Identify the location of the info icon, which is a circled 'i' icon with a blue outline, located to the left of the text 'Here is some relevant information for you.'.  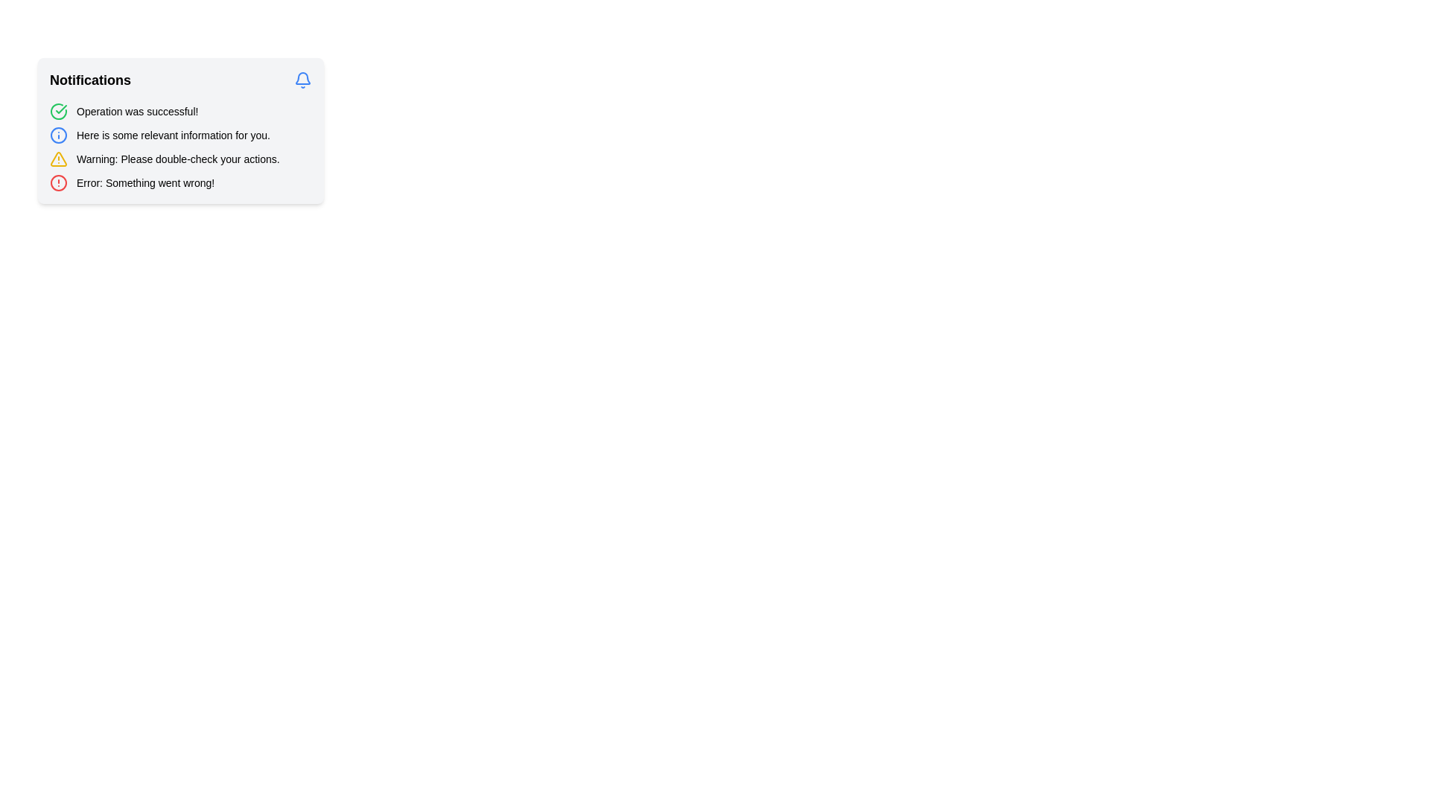
(58, 135).